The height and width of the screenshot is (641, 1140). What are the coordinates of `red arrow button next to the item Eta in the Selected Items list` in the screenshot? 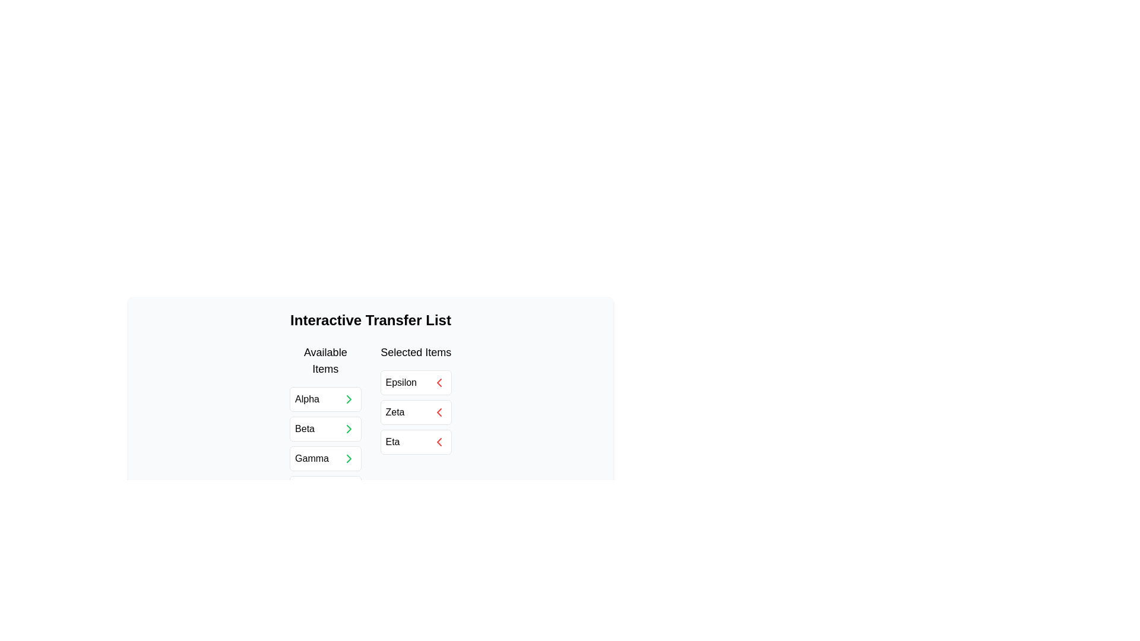 It's located at (438, 442).